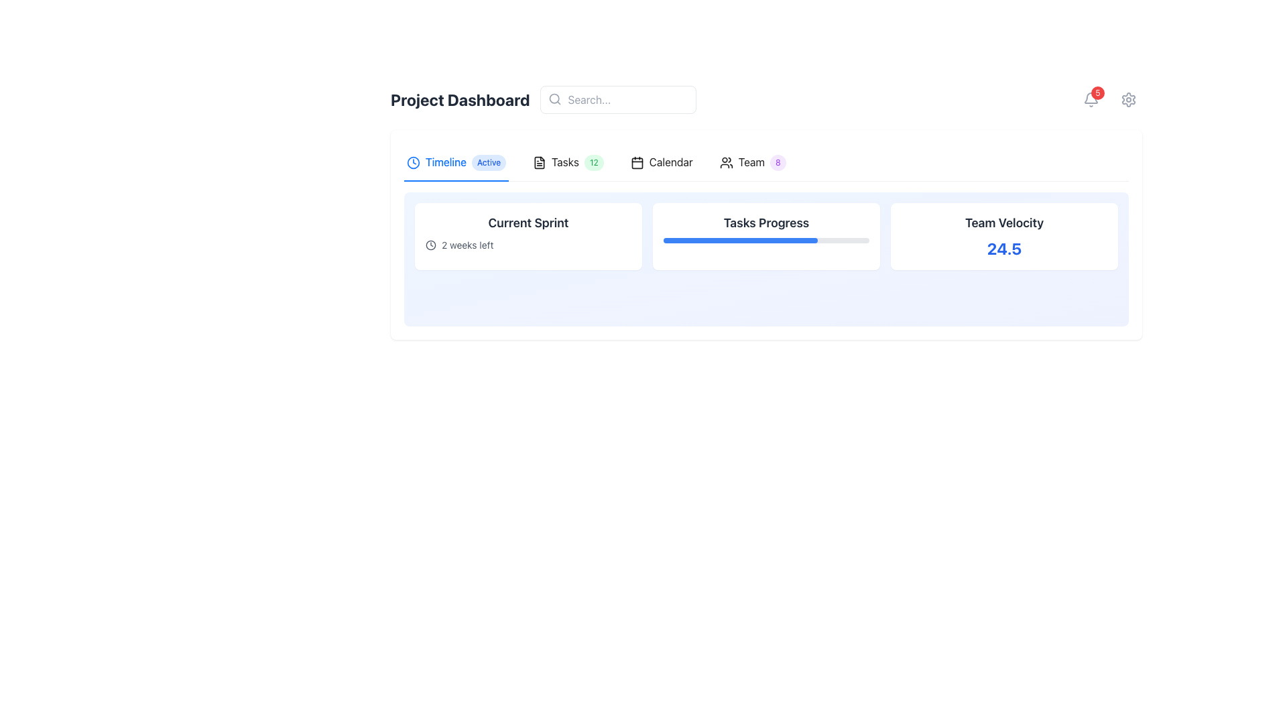  I want to click on the notification icon in the top-right section of the interface, so click(1091, 99).